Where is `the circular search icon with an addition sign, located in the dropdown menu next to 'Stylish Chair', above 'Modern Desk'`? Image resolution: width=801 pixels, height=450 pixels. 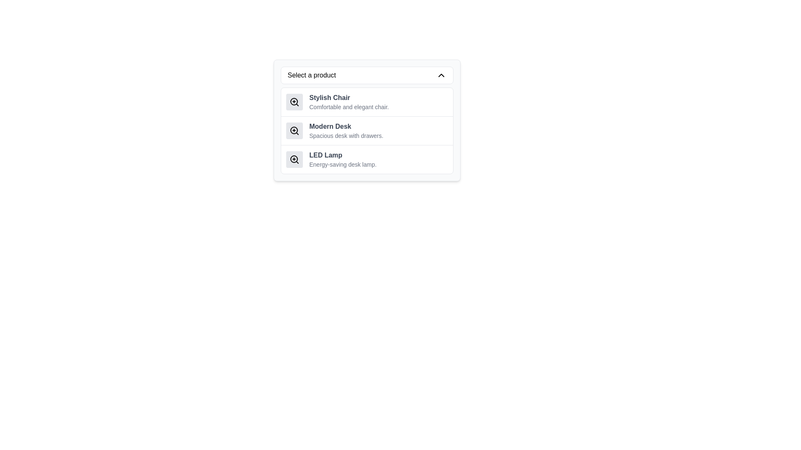 the circular search icon with an addition sign, located in the dropdown menu next to 'Stylish Chair', above 'Modern Desk' is located at coordinates (294, 102).